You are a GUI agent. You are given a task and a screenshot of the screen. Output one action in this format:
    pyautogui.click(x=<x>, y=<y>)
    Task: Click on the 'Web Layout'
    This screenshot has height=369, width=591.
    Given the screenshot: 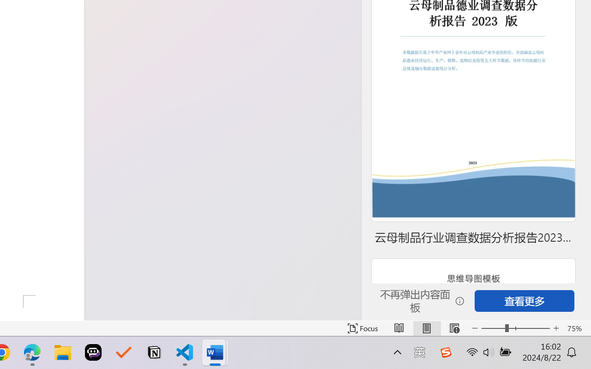 What is the action you would take?
    pyautogui.click(x=454, y=328)
    